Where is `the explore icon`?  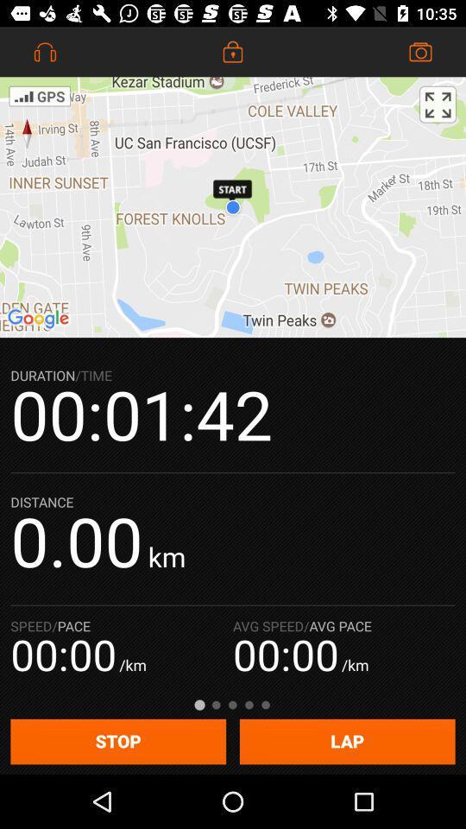
the explore icon is located at coordinates (26, 132).